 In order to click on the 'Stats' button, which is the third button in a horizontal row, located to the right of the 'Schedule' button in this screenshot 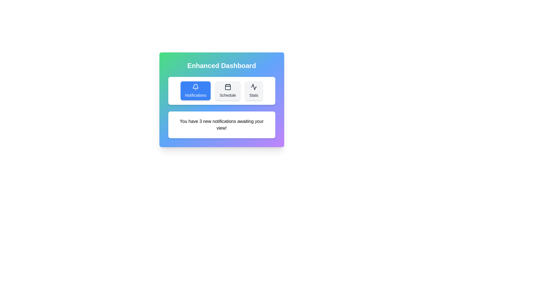, I will do `click(253, 91)`.